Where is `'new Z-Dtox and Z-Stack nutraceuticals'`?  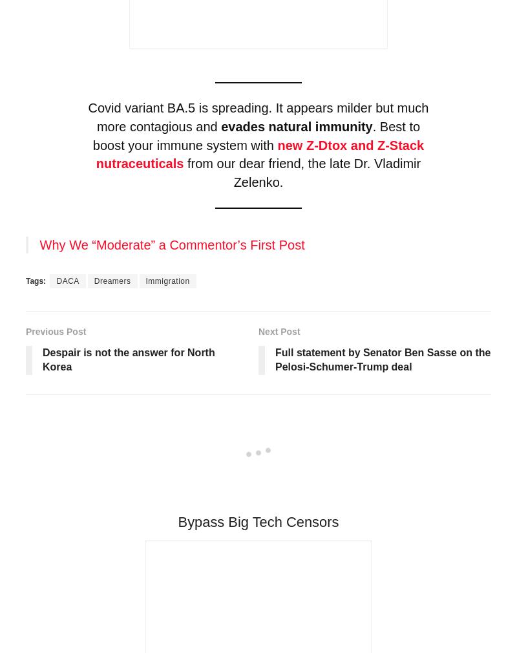
'new Z-Dtox and Z-Stack nutraceuticals' is located at coordinates (259, 153).